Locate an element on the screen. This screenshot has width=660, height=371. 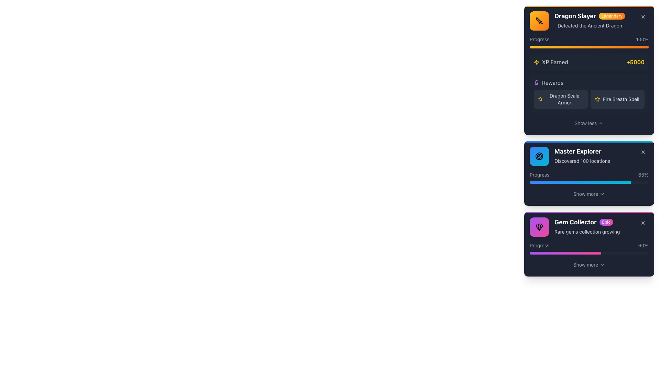
the second card in the vertically stacked list that includes a progress bar and an expandable details feature, located below the 'Dragon Slayer' card and above the 'Gem Collector' card is located at coordinates (588, 173).